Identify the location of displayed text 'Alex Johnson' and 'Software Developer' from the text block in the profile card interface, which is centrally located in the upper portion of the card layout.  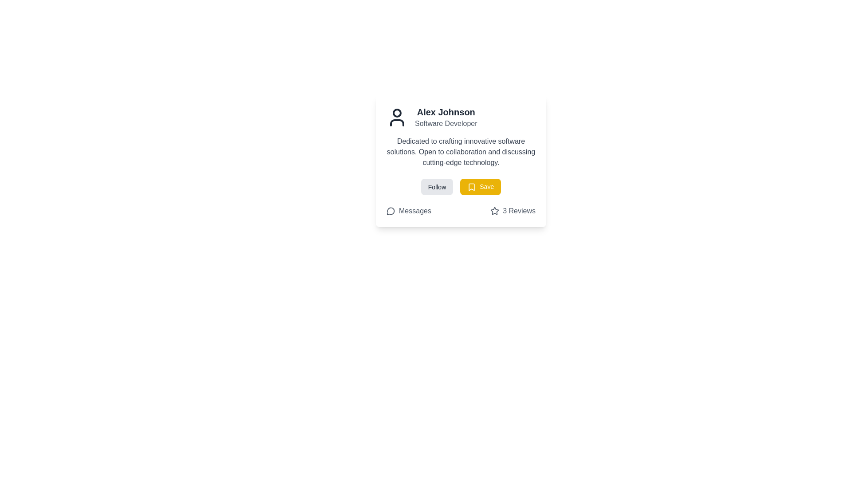
(446, 117).